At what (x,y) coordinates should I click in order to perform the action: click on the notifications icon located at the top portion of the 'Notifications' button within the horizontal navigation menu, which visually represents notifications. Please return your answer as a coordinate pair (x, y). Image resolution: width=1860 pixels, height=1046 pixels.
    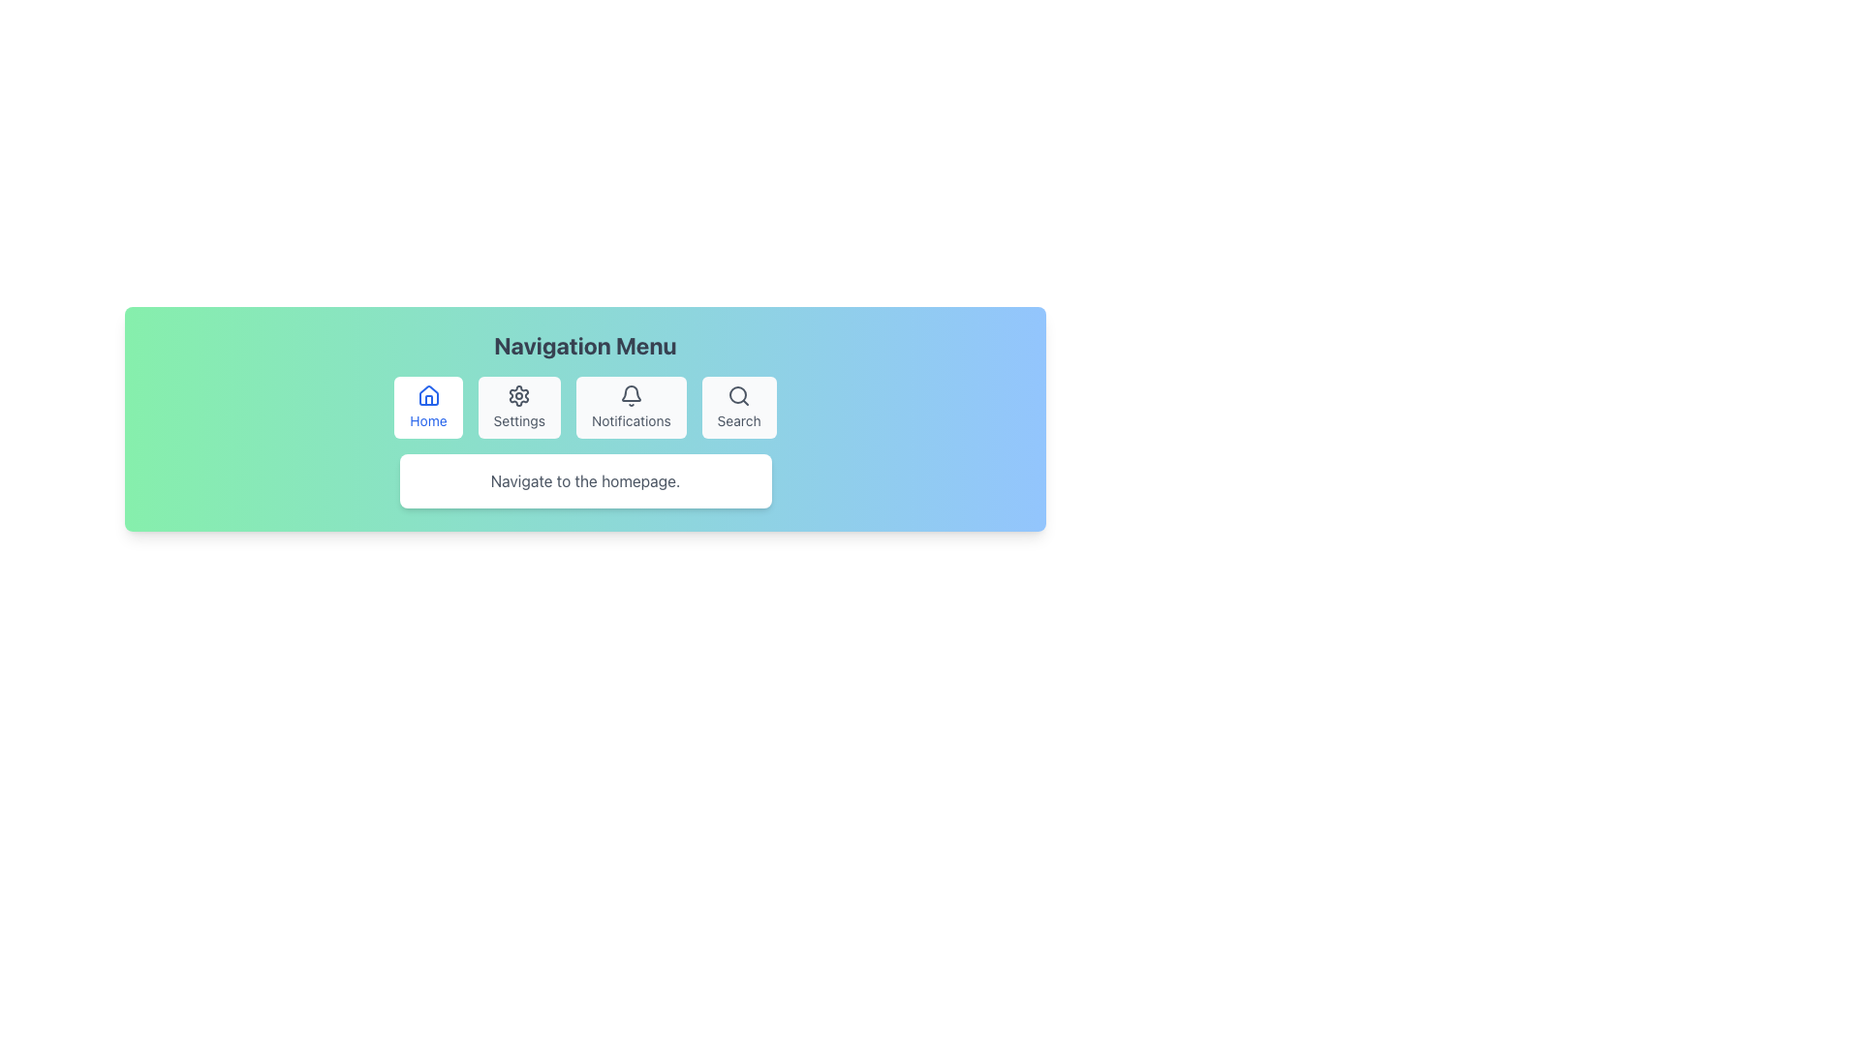
    Looking at the image, I should click on (631, 394).